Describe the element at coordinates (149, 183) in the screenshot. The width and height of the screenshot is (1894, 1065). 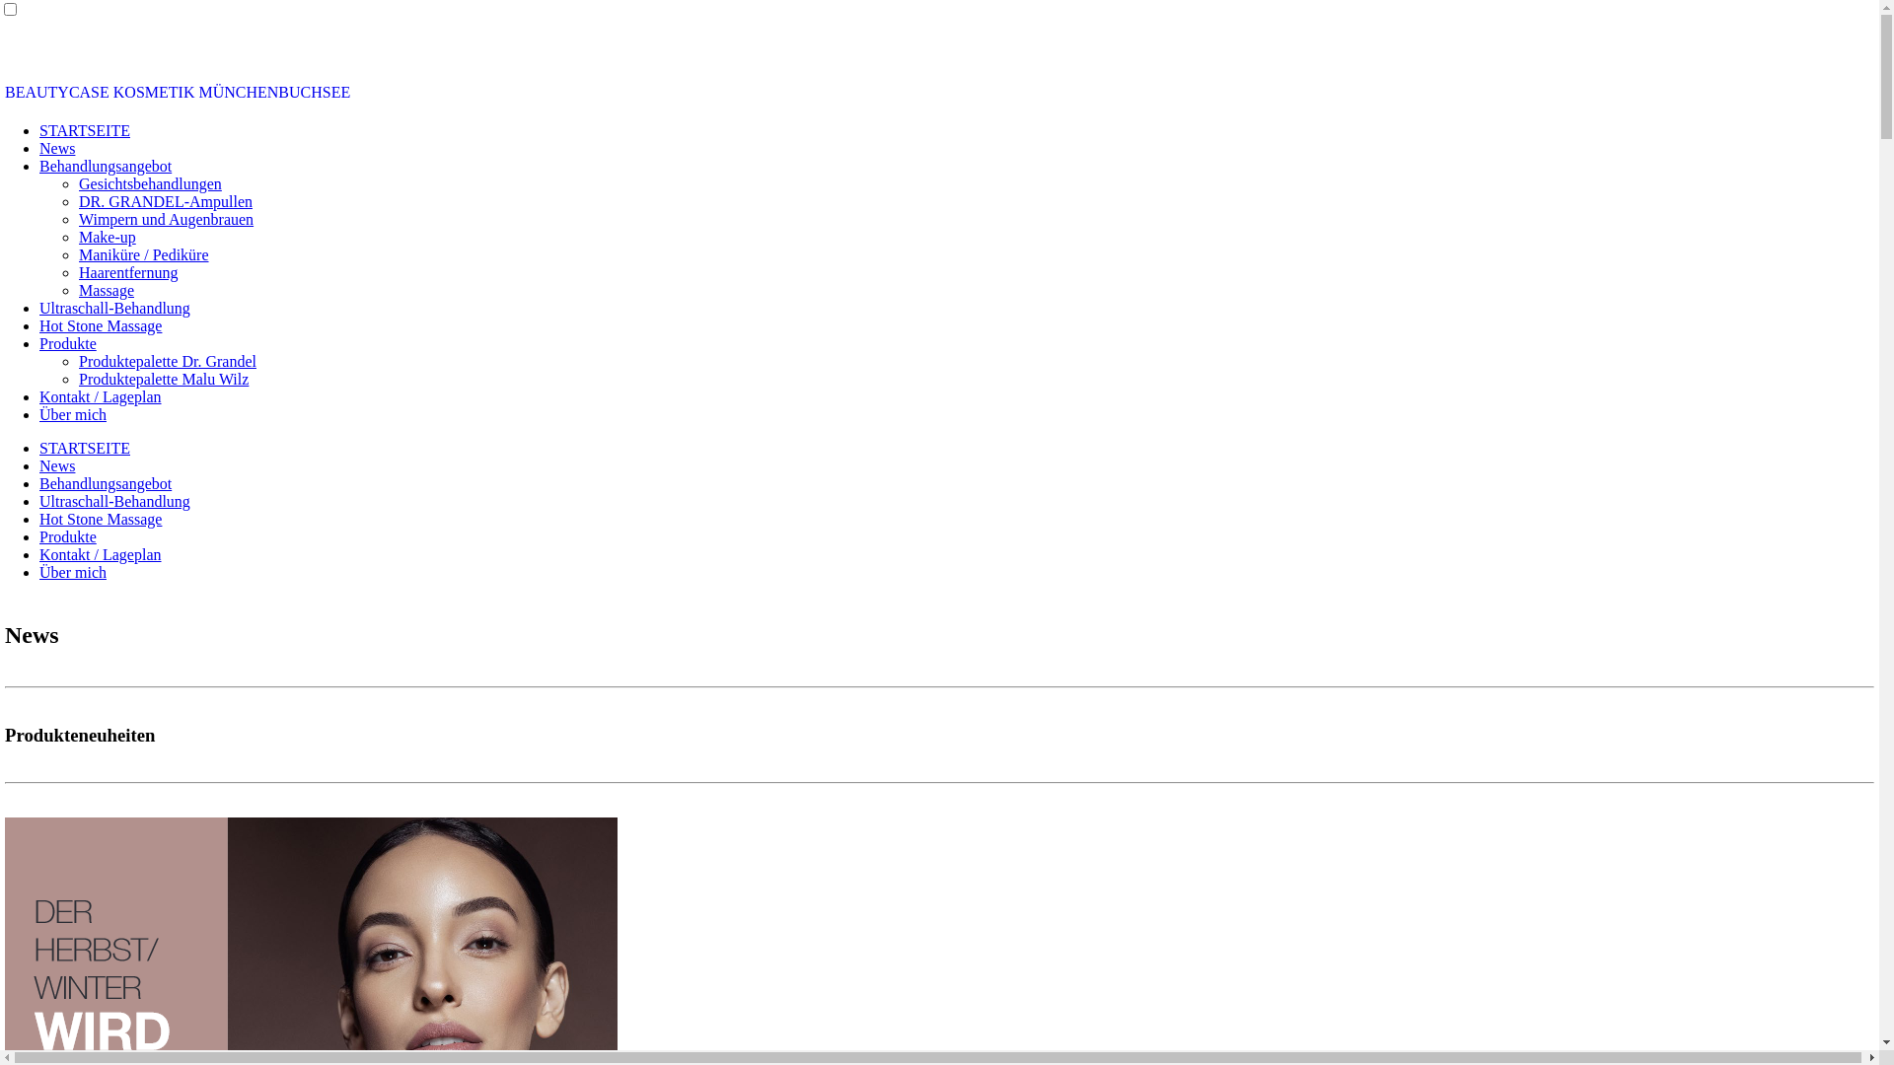
I see `'Gesichtsbehandlungen'` at that location.